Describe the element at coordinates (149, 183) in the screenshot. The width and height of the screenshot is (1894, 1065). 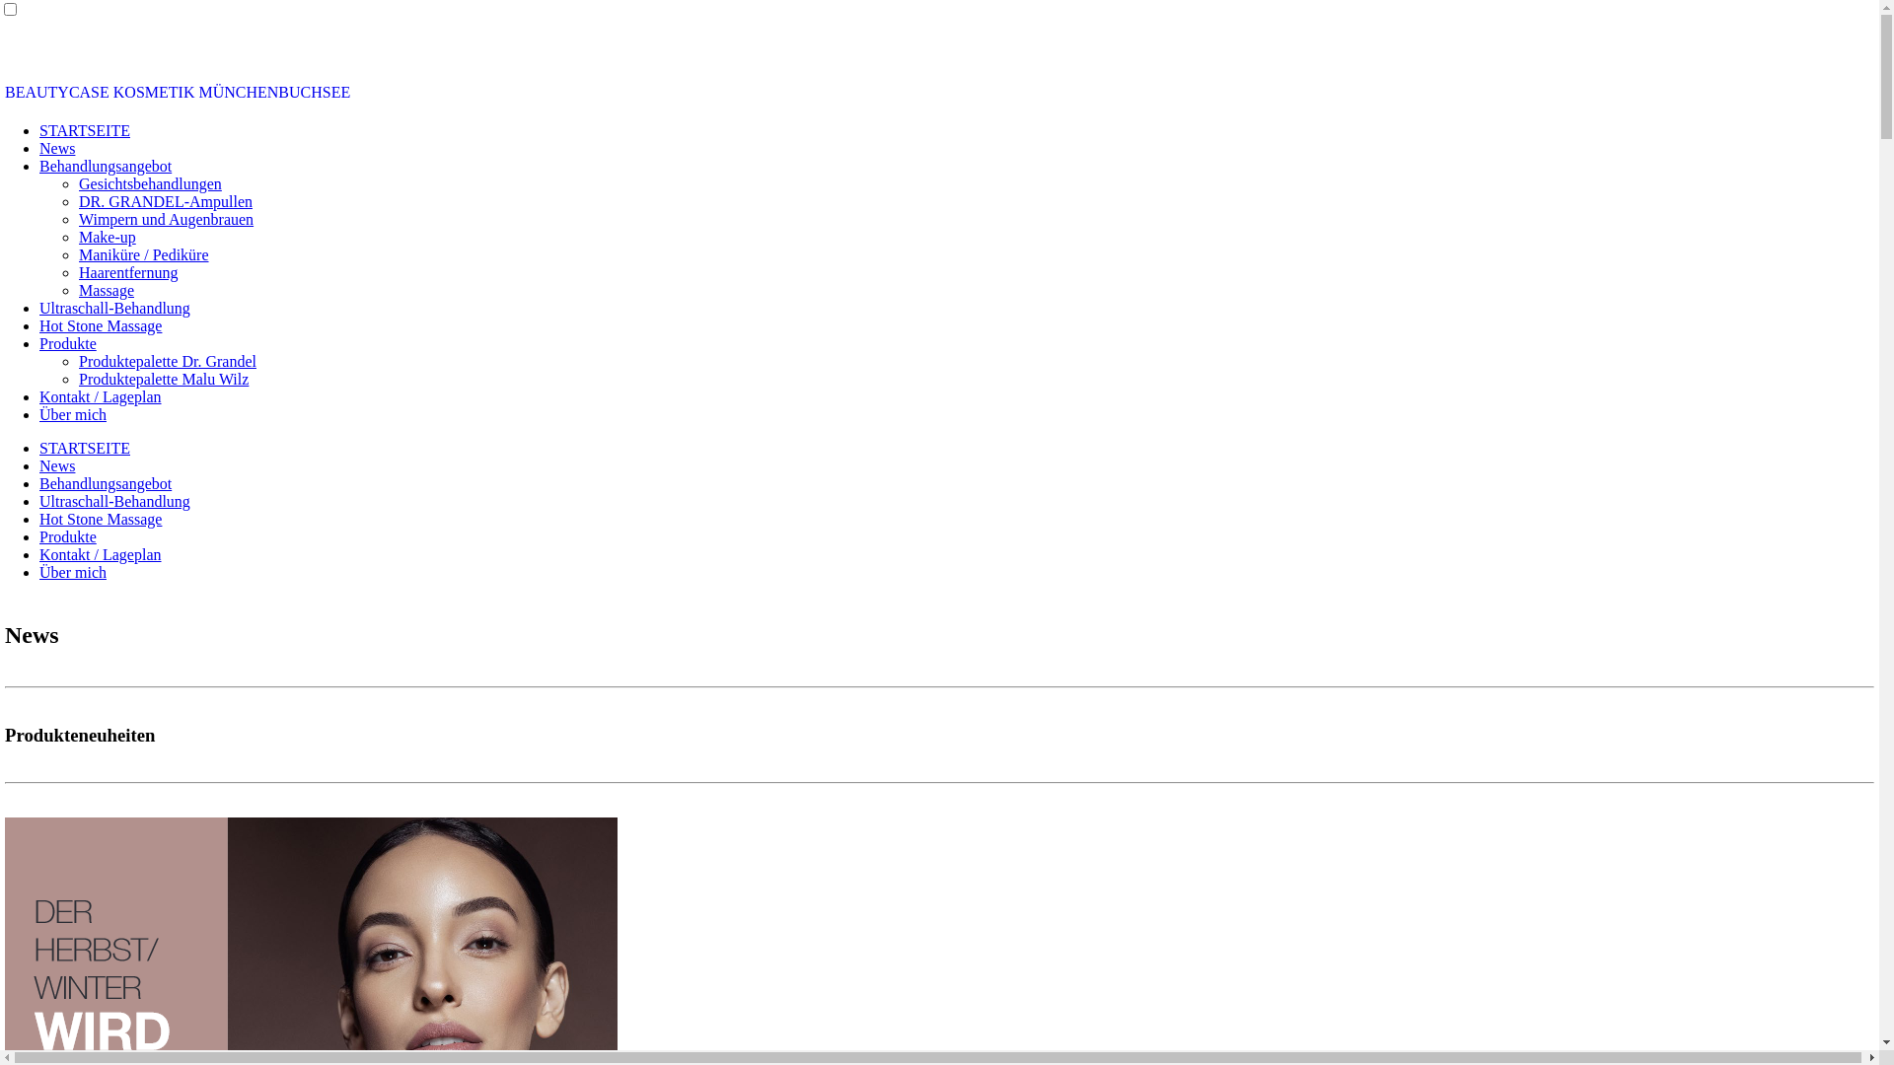
I see `'Gesichtsbehandlungen'` at that location.